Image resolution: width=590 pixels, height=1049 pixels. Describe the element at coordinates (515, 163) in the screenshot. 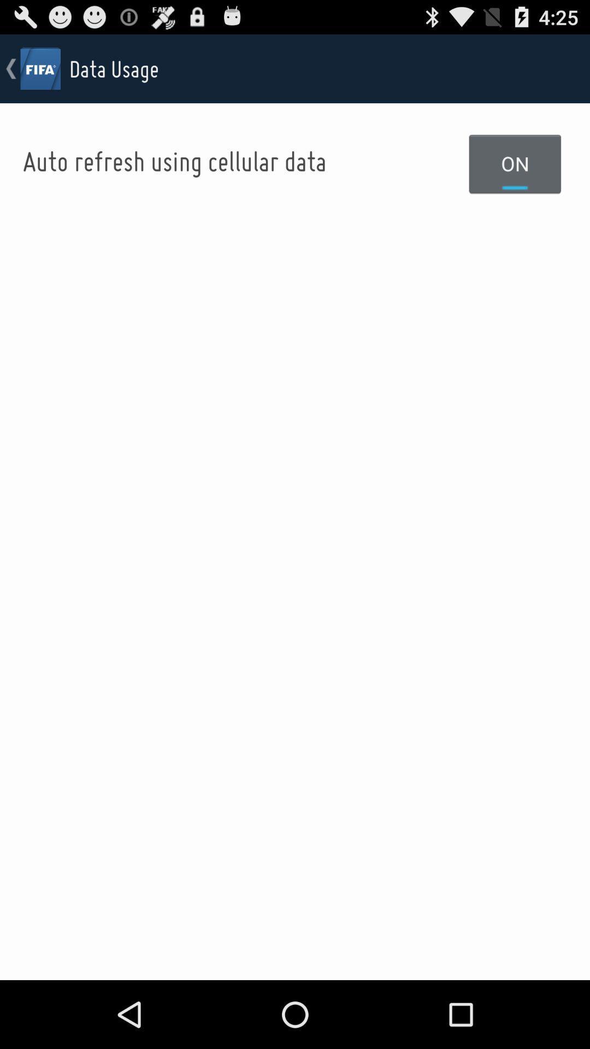

I see `the item to the right of auto refresh using` at that location.